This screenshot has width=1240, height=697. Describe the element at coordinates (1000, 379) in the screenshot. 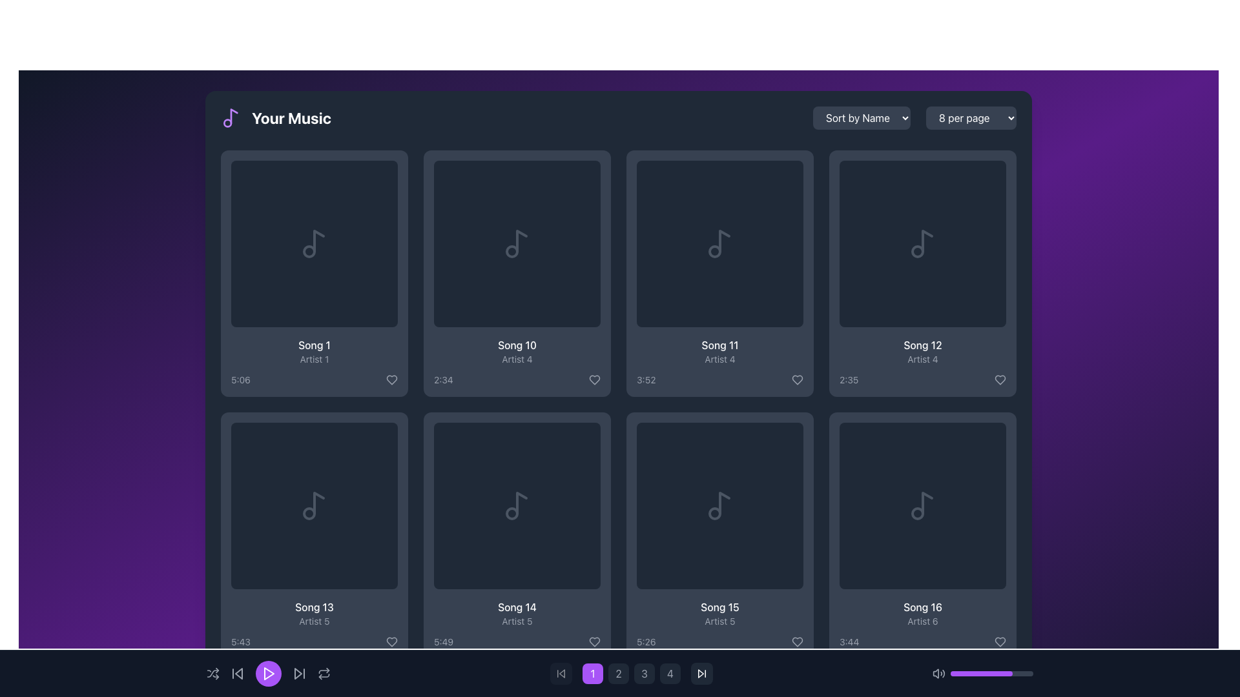

I see `the heart icon in the bottom-right corner of the music card labeled 'Song 12' by 'Artist 4'` at that location.